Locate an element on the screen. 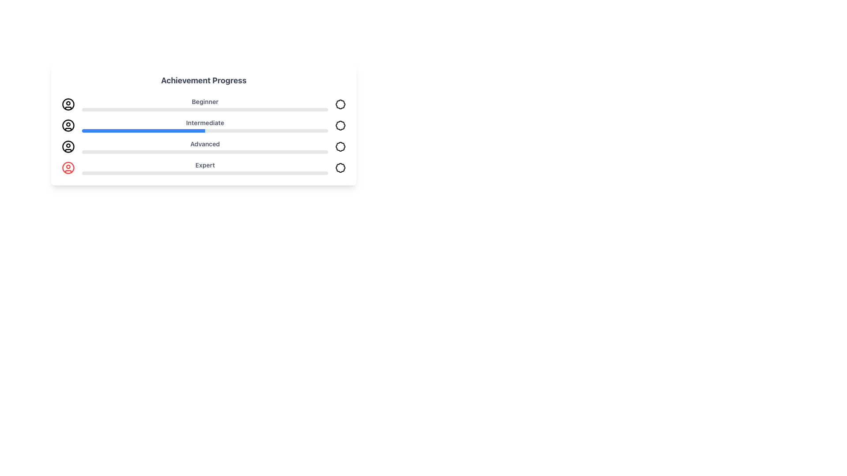 This screenshot has width=847, height=476. the 'Advanced' level icon in the achievement progress component, which is located in the leftmost position of the 'Advanced' section, aligning with the 'Advanced' text and the progress bar is located at coordinates (67, 146).